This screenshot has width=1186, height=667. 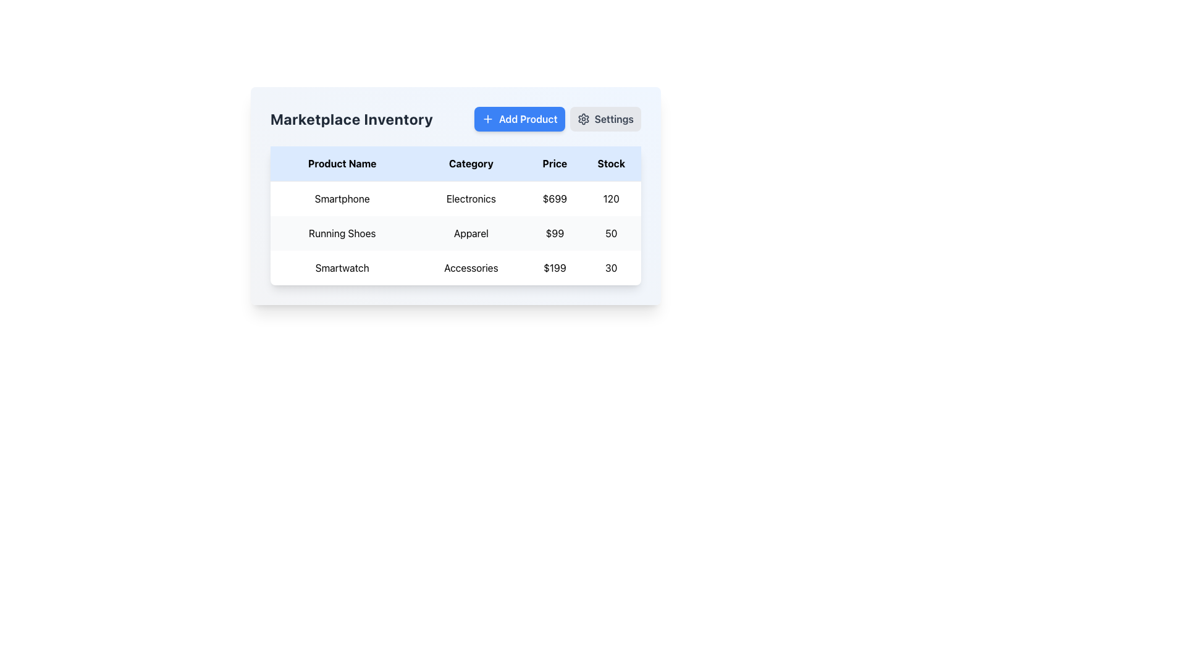 What do you see at coordinates (582, 119) in the screenshot?
I see `the gear-like icon located at the rightmost part of the top bar of the card, which is part of the 'Settings' button, to show a context menu` at bounding box center [582, 119].